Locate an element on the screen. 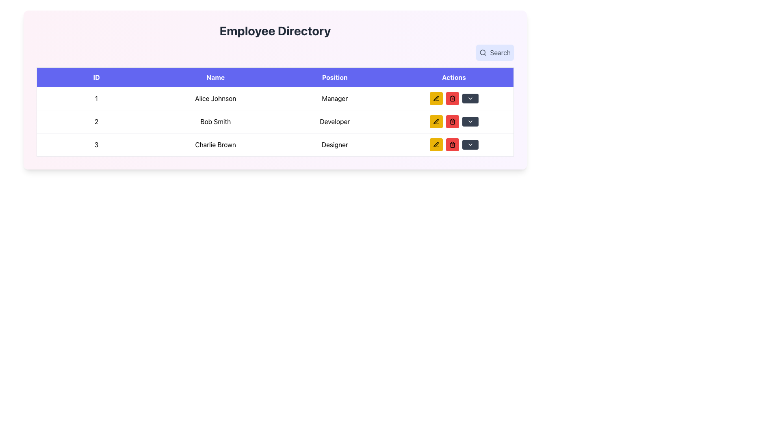 Image resolution: width=780 pixels, height=438 pixels. the 'Search' button located in the top-right corner of the interface is located at coordinates (494, 53).